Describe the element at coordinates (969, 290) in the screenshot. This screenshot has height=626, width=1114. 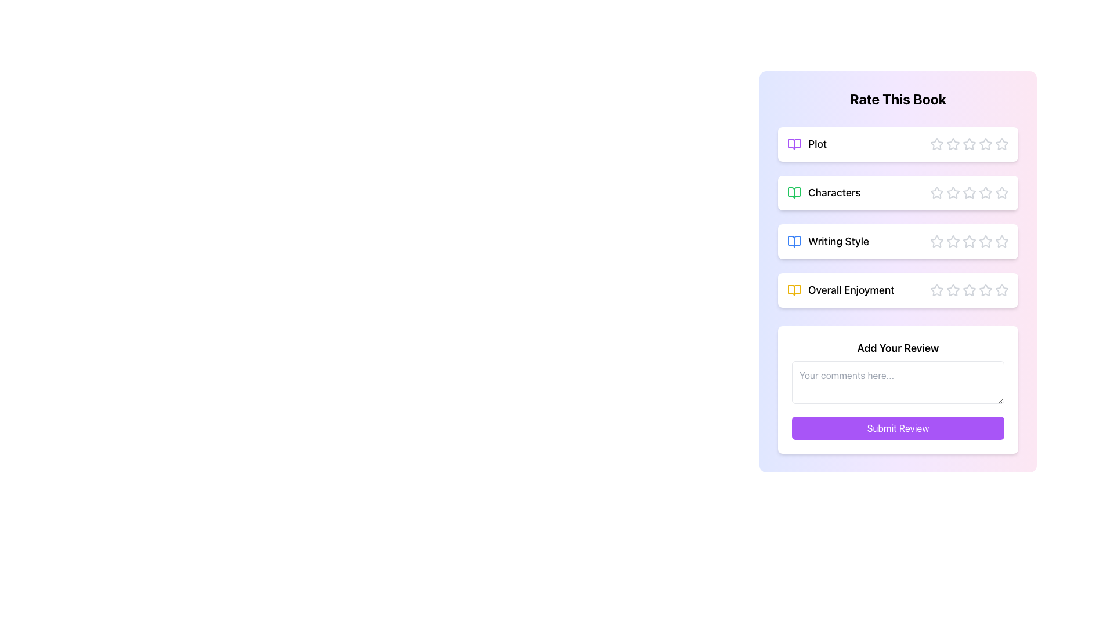
I see `the fourth star icon in the Overall Enjoyment rating section` at that location.